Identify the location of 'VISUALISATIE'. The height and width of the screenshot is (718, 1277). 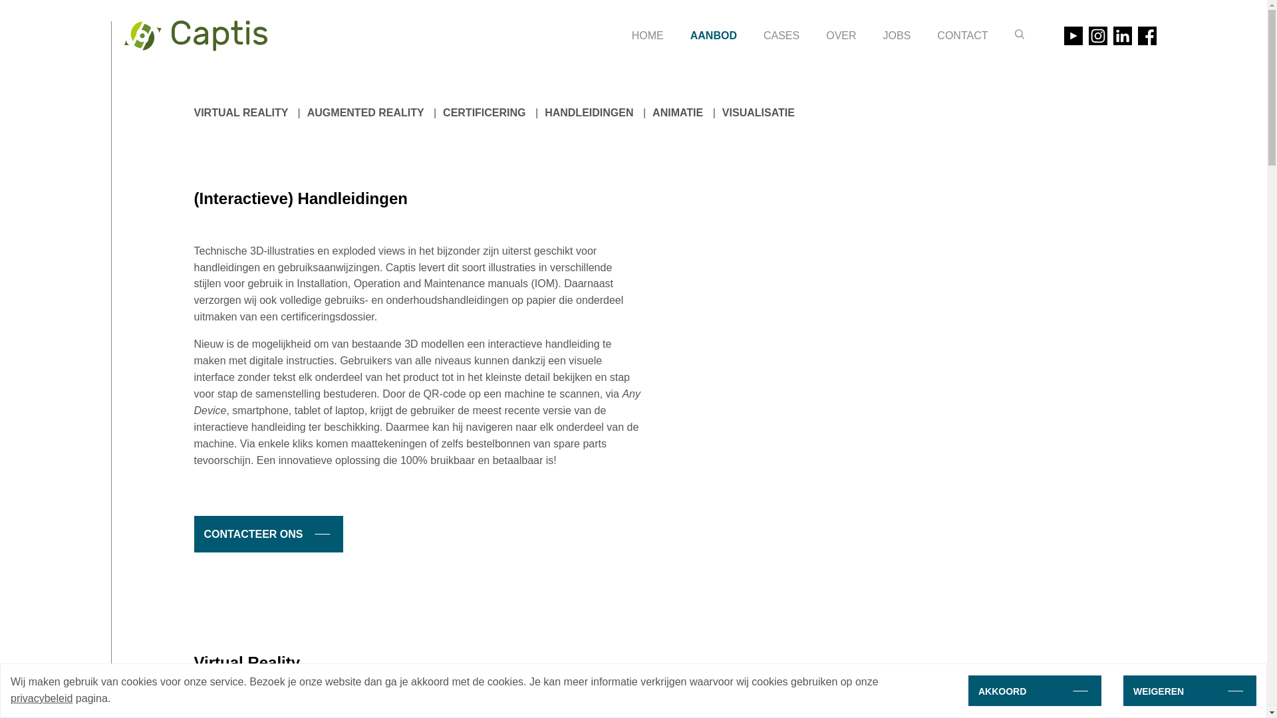
(758, 112).